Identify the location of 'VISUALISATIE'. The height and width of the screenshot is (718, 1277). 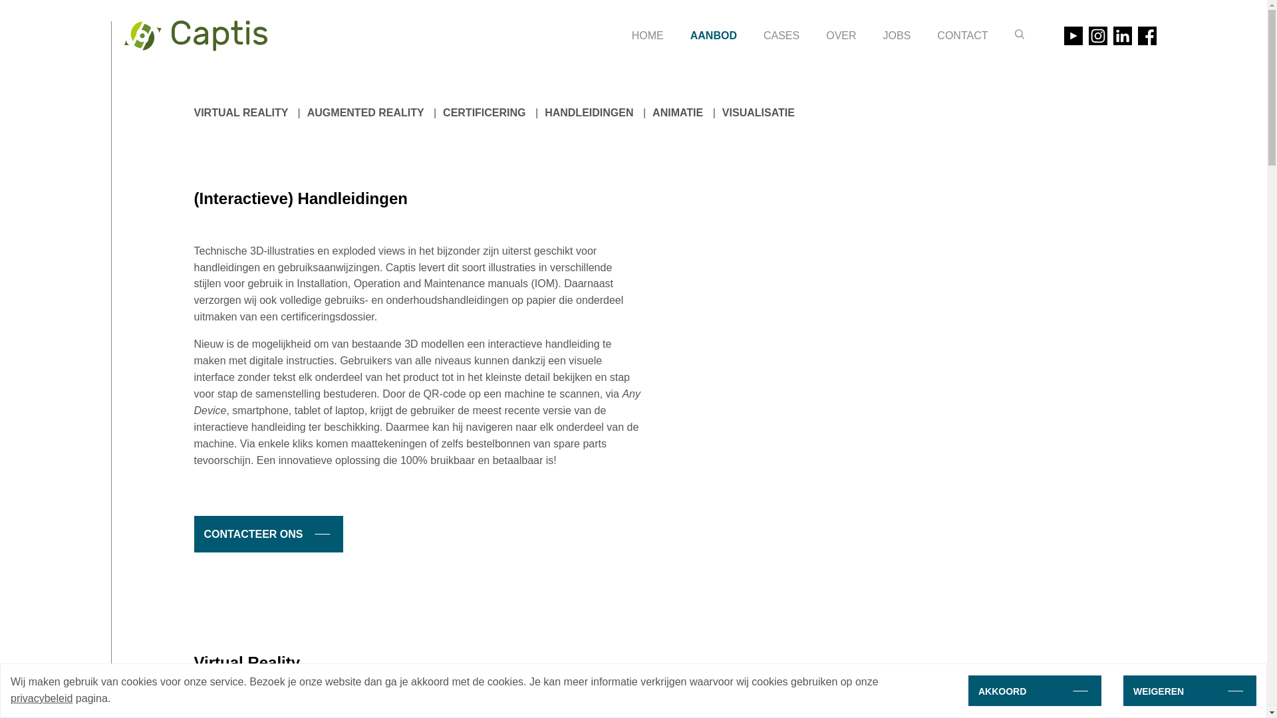
(758, 112).